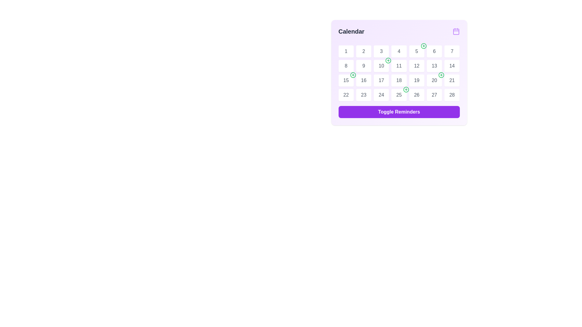  What do you see at coordinates (434, 51) in the screenshot?
I see `the calendar date element displaying the number '6', located in the second row and sixth column of the grid under the 'Calendar' header` at bounding box center [434, 51].